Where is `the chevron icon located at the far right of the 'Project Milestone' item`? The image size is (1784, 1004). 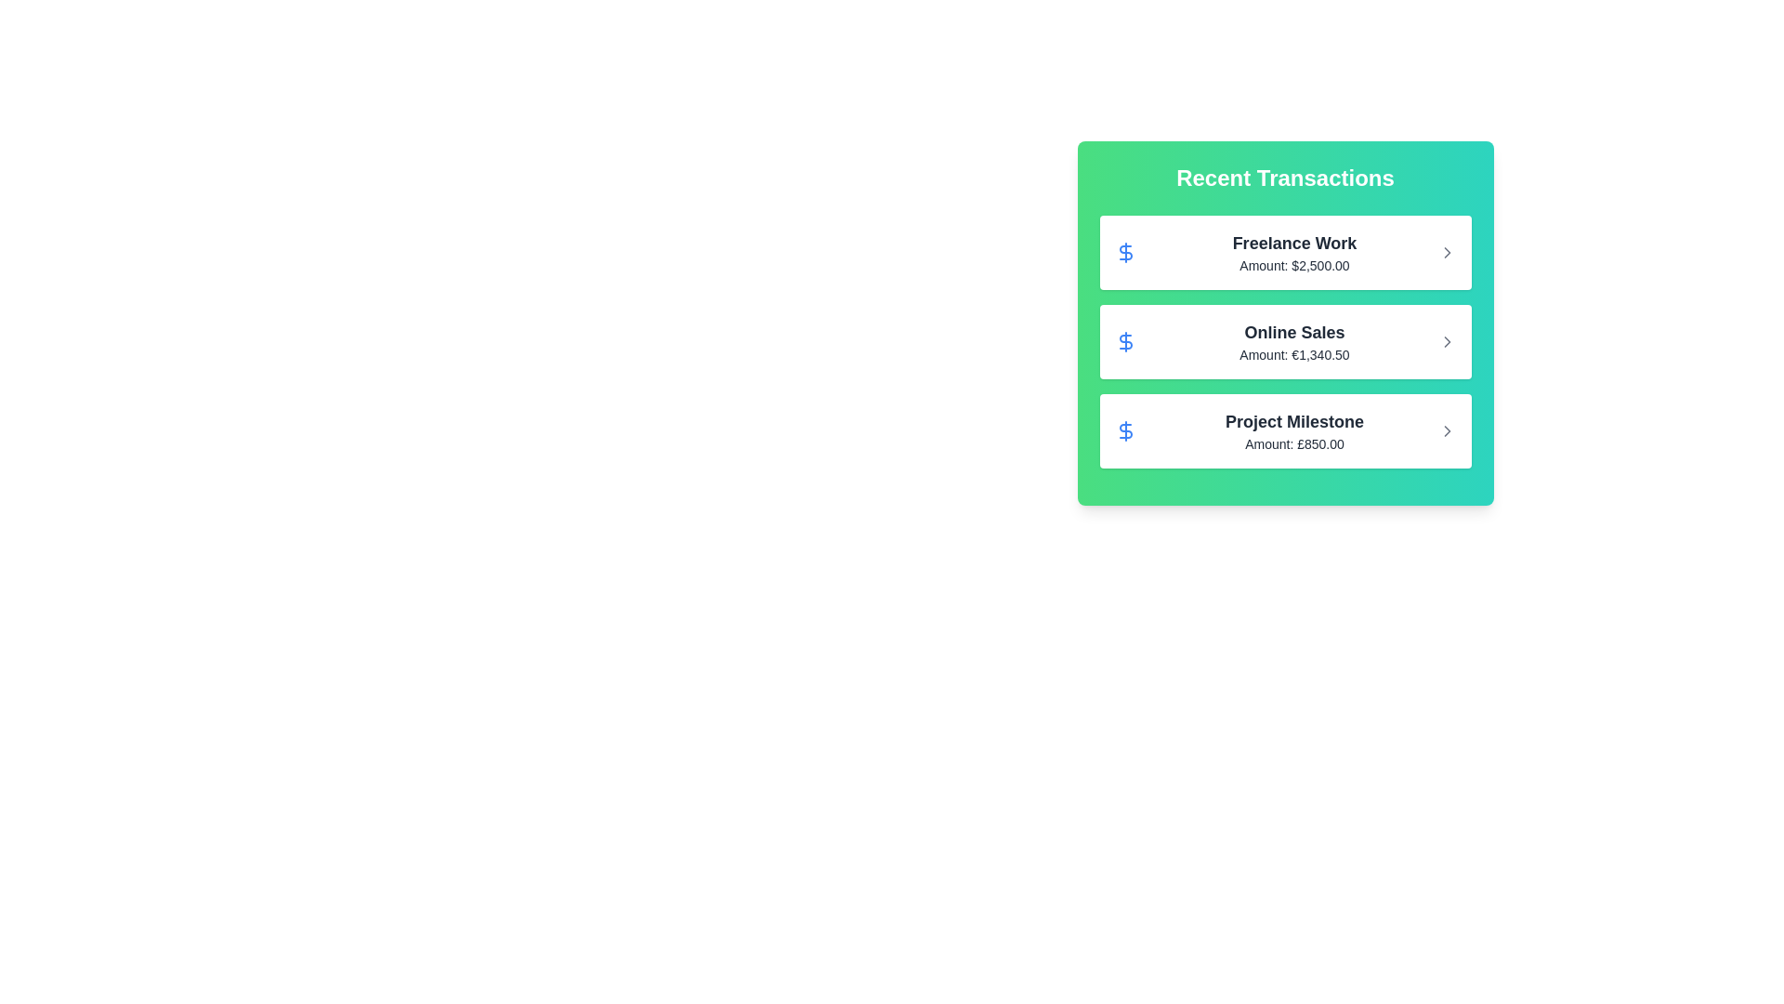 the chevron icon located at the far right of the 'Project Milestone' item is located at coordinates (1446, 430).